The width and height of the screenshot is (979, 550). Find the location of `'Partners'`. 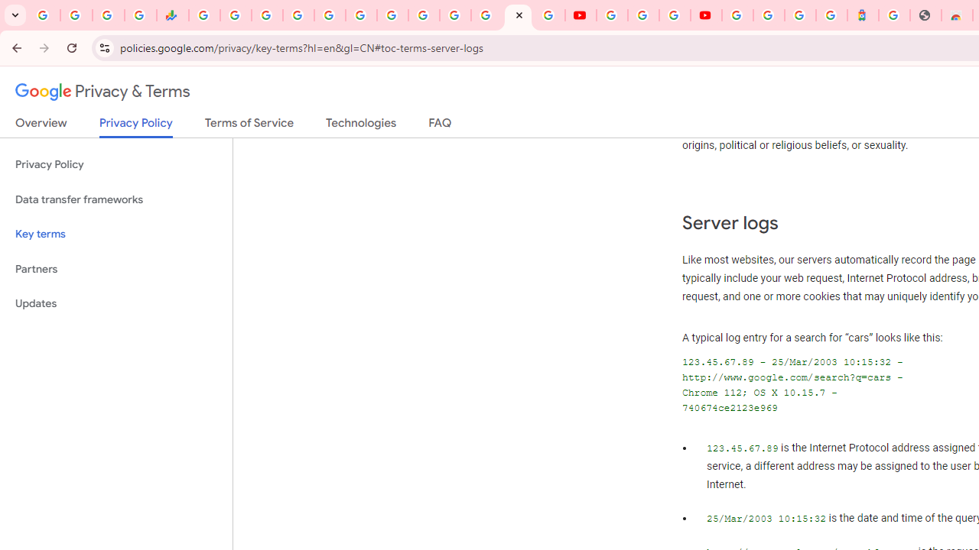

'Partners' is located at coordinates (115, 268).